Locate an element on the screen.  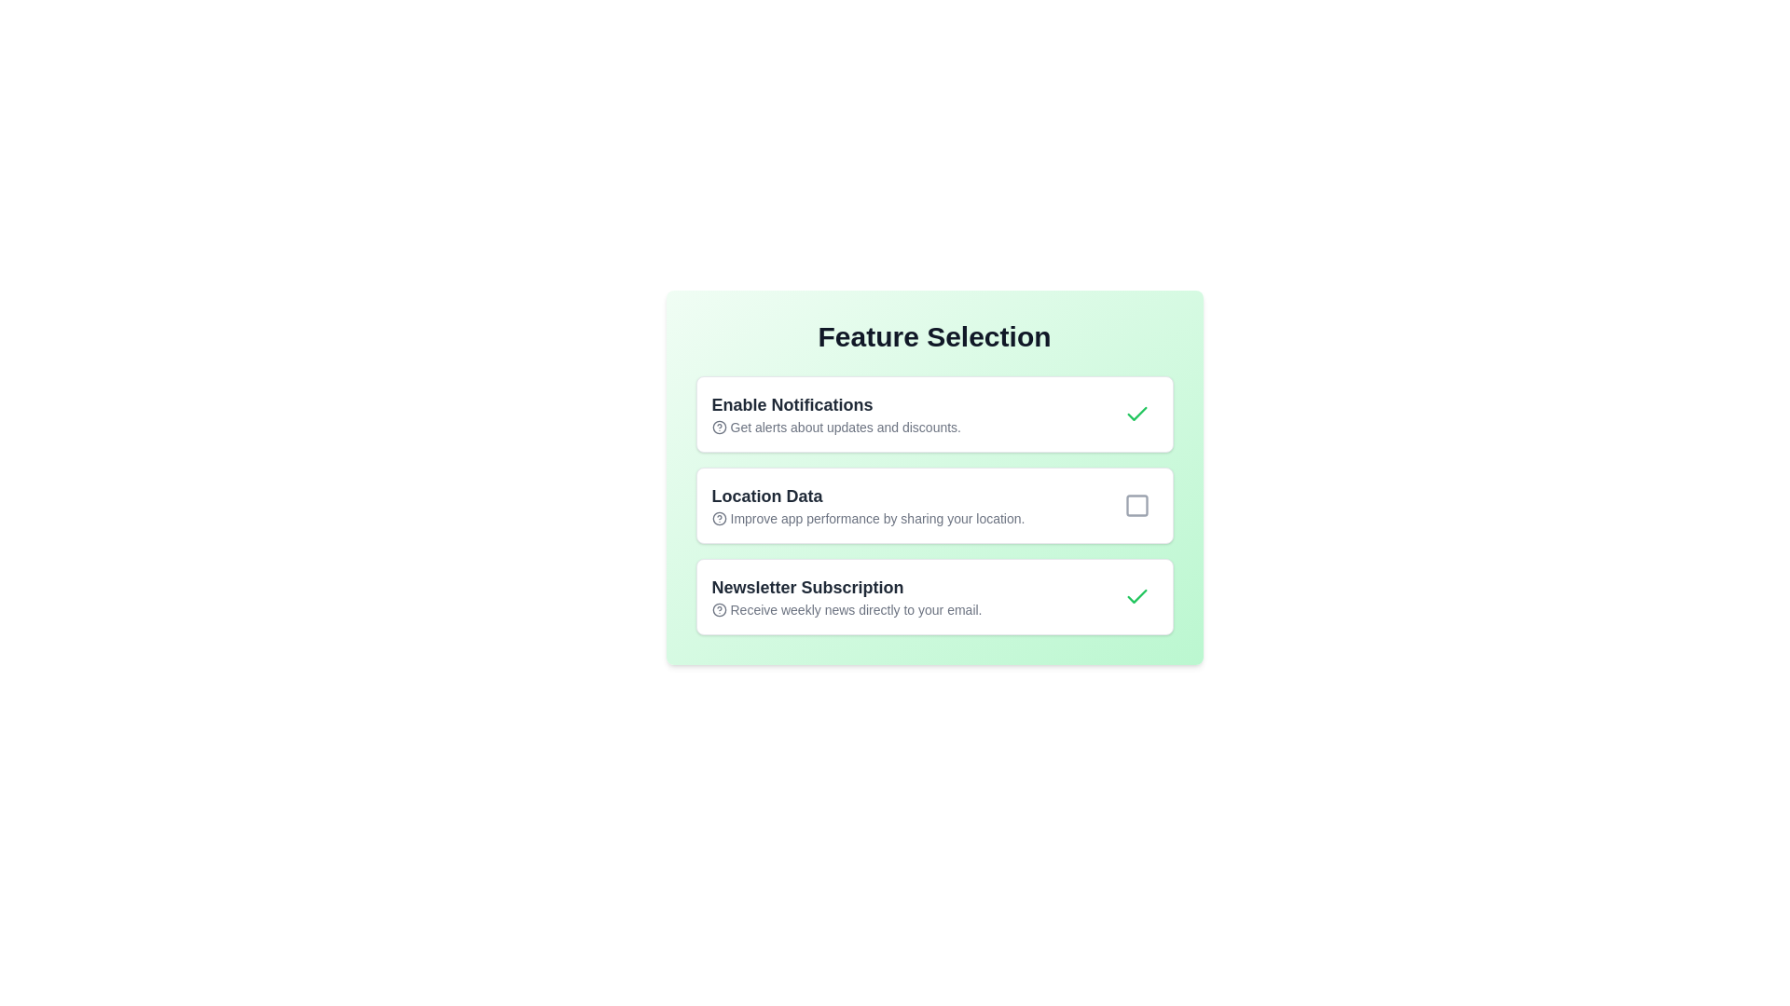
the descriptive text element that informs the user about the 'Enable Notifications' feature and its benefits, located at the top of the feature settings list is located at coordinates (835, 413).